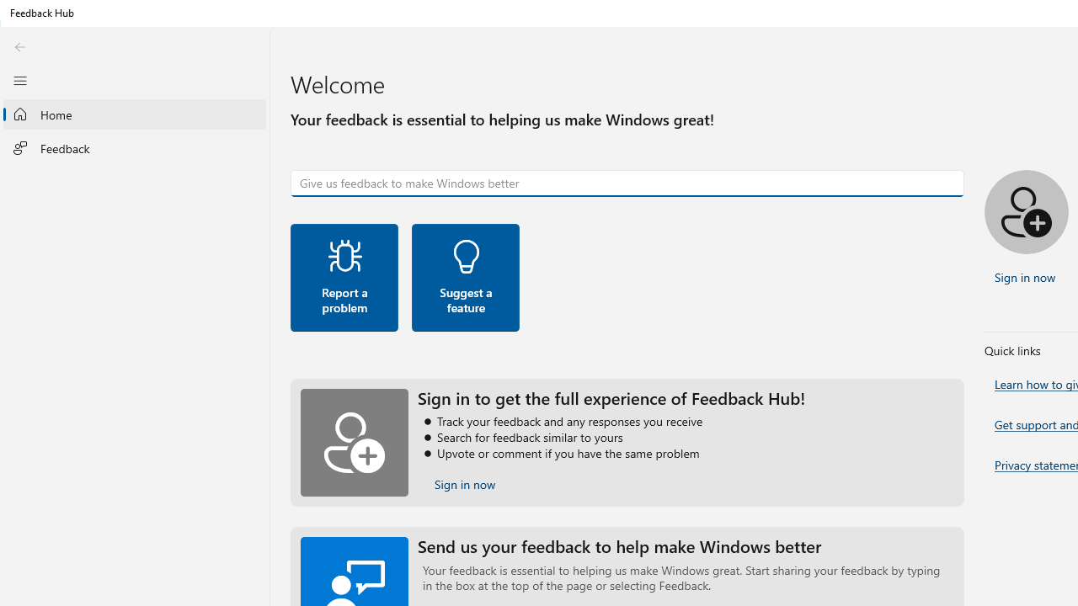  What do you see at coordinates (135, 146) in the screenshot?
I see `'Feedback'` at bounding box center [135, 146].